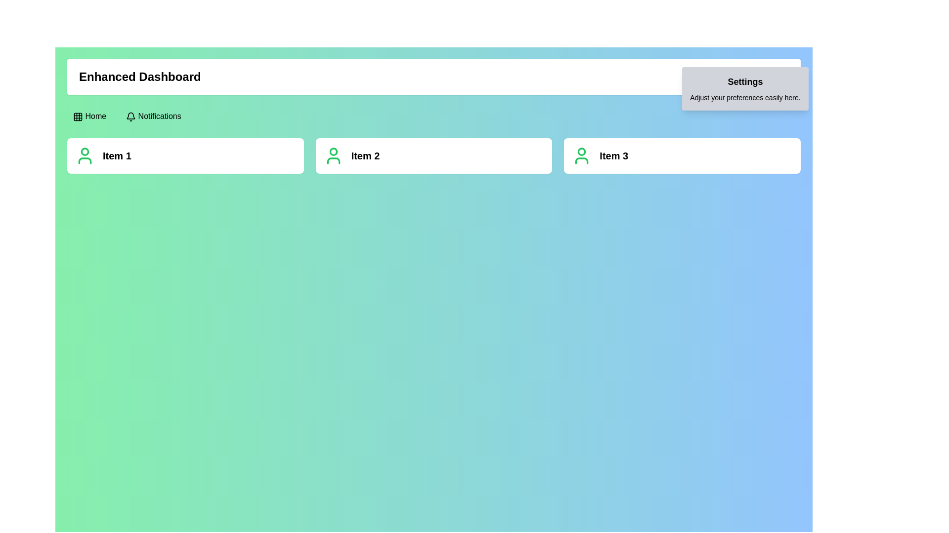 The width and height of the screenshot is (949, 533). I want to click on the text label 'Enhanced Dashboard' which is styled with bold and extra-large font located in the top left area of the interface, so click(139, 76).